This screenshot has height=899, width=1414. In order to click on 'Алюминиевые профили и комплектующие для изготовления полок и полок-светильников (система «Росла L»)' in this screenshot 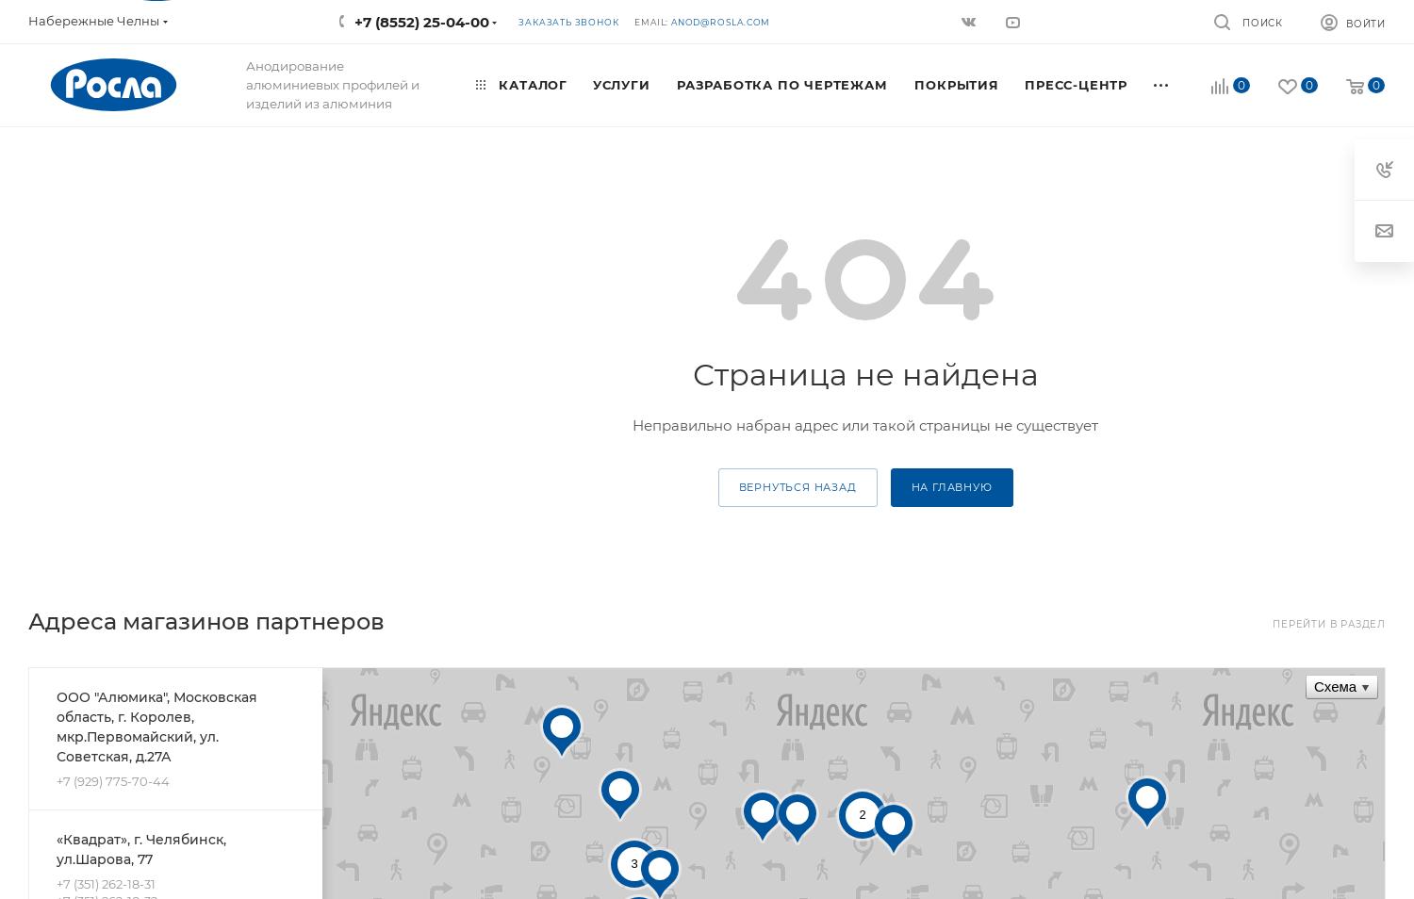, I will do `click(716, 449)`.